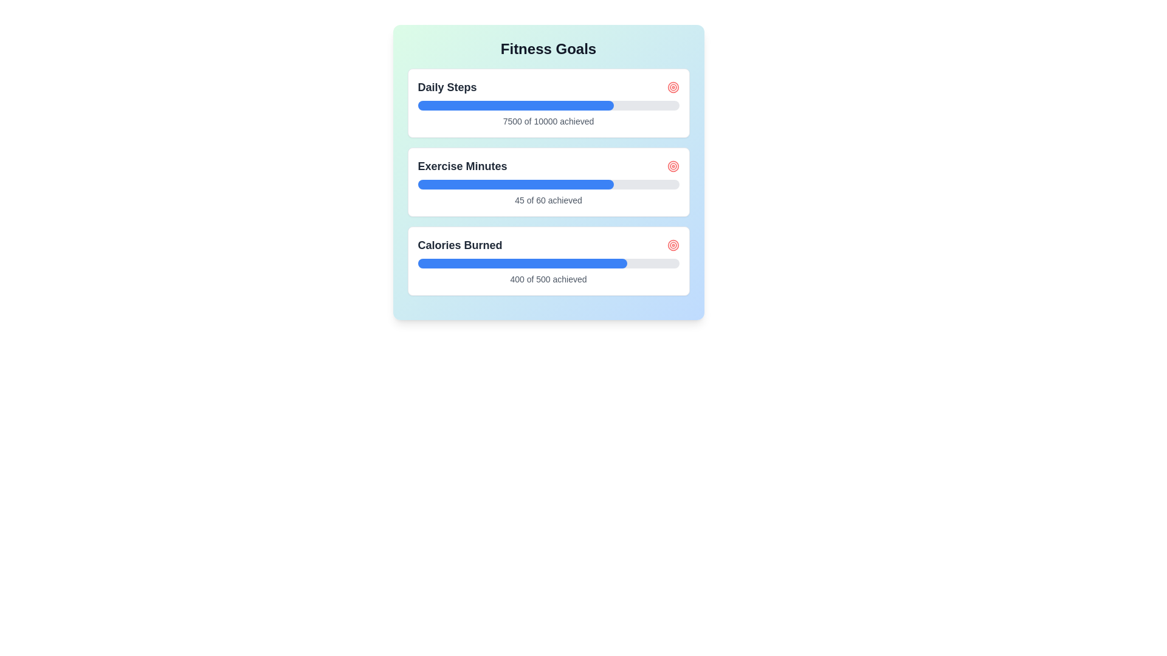  Describe the element at coordinates (515, 185) in the screenshot. I see `the filled progress bar section representing progress for 'Exercise Minutes', which is styled with a blue color and has rounded ends` at that location.